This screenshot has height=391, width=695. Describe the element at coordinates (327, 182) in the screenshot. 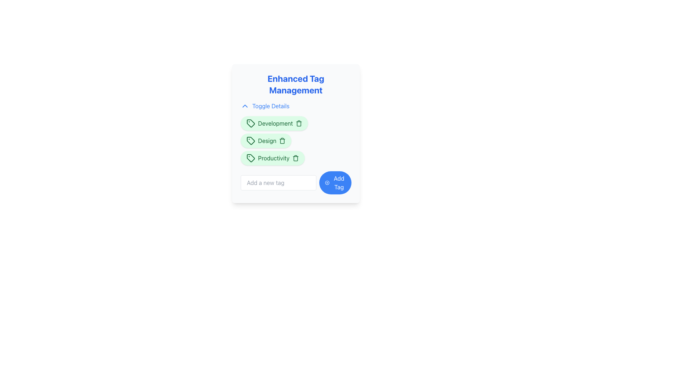

I see `the SVG icon with a circle outline and a plus sign, which is located near the bottom-right of the 'Add Tag' button` at that location.